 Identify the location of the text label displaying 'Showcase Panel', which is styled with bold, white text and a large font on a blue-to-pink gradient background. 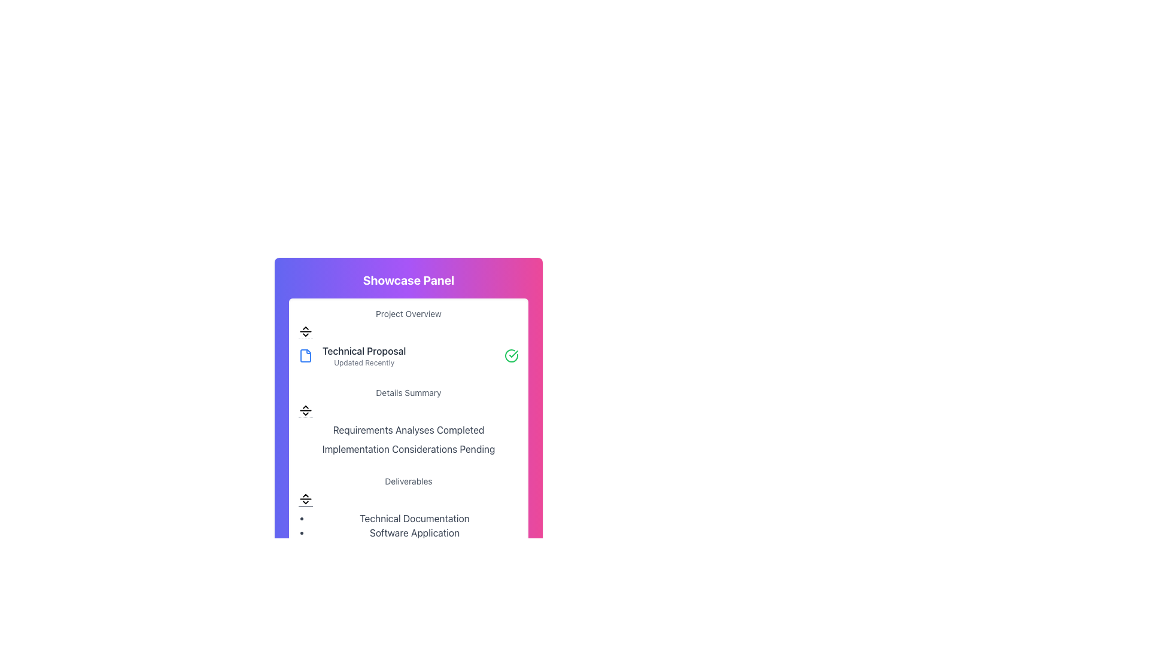
(408, 281).